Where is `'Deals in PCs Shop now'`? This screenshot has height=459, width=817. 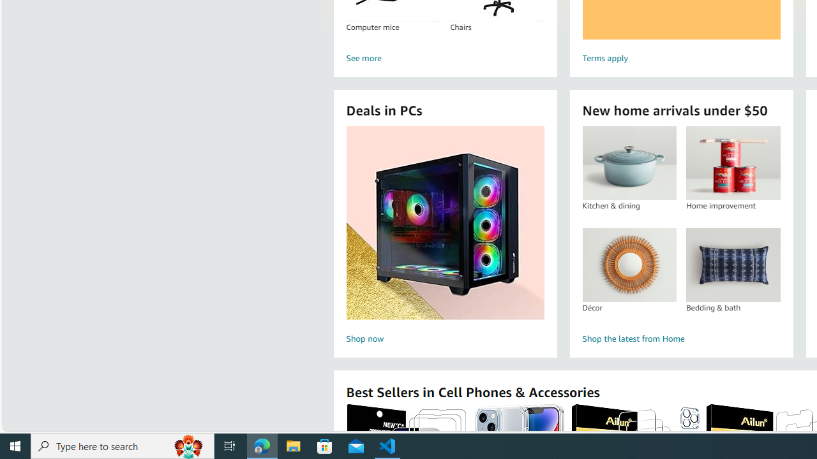 'Deals in PCs Shop now' is located at coordinates (445, 237).